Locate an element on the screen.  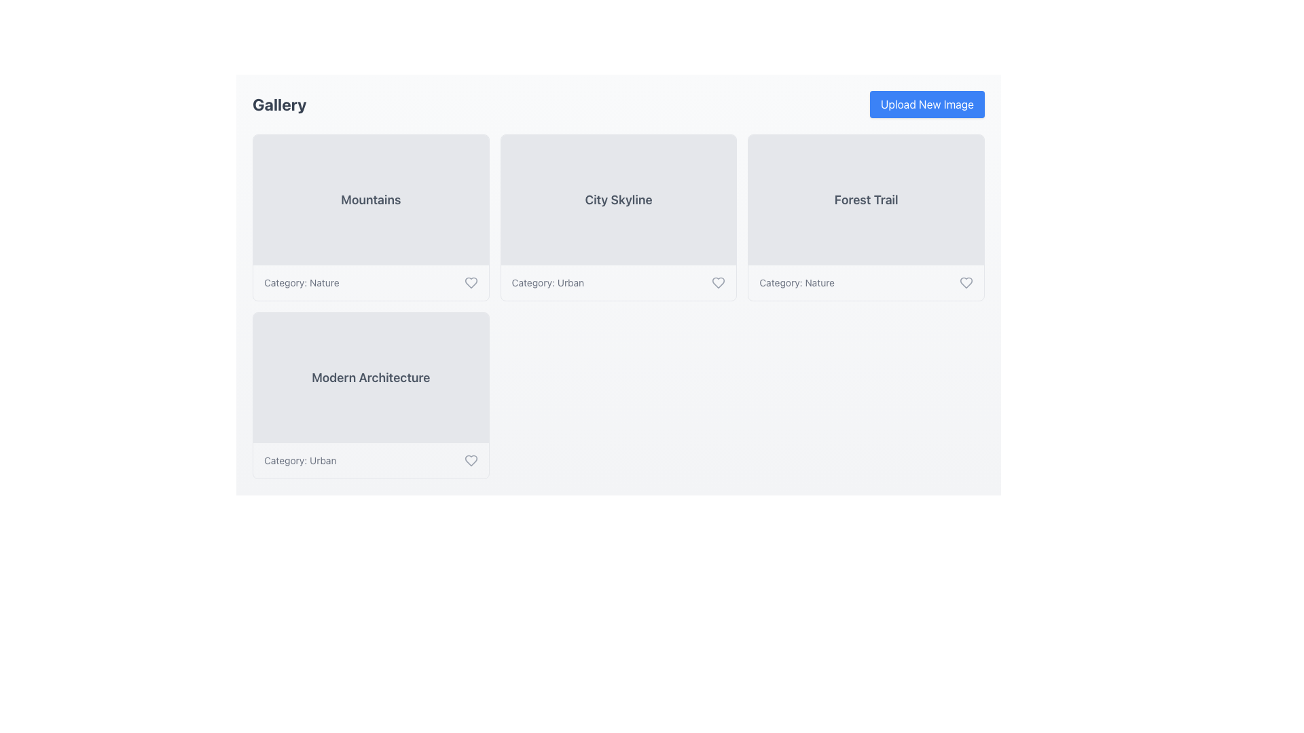
the text label that serves as a descriptive title for the card, located centrally within the card in the second column of the first row in a grid layout is located at coordinates (618, 200).